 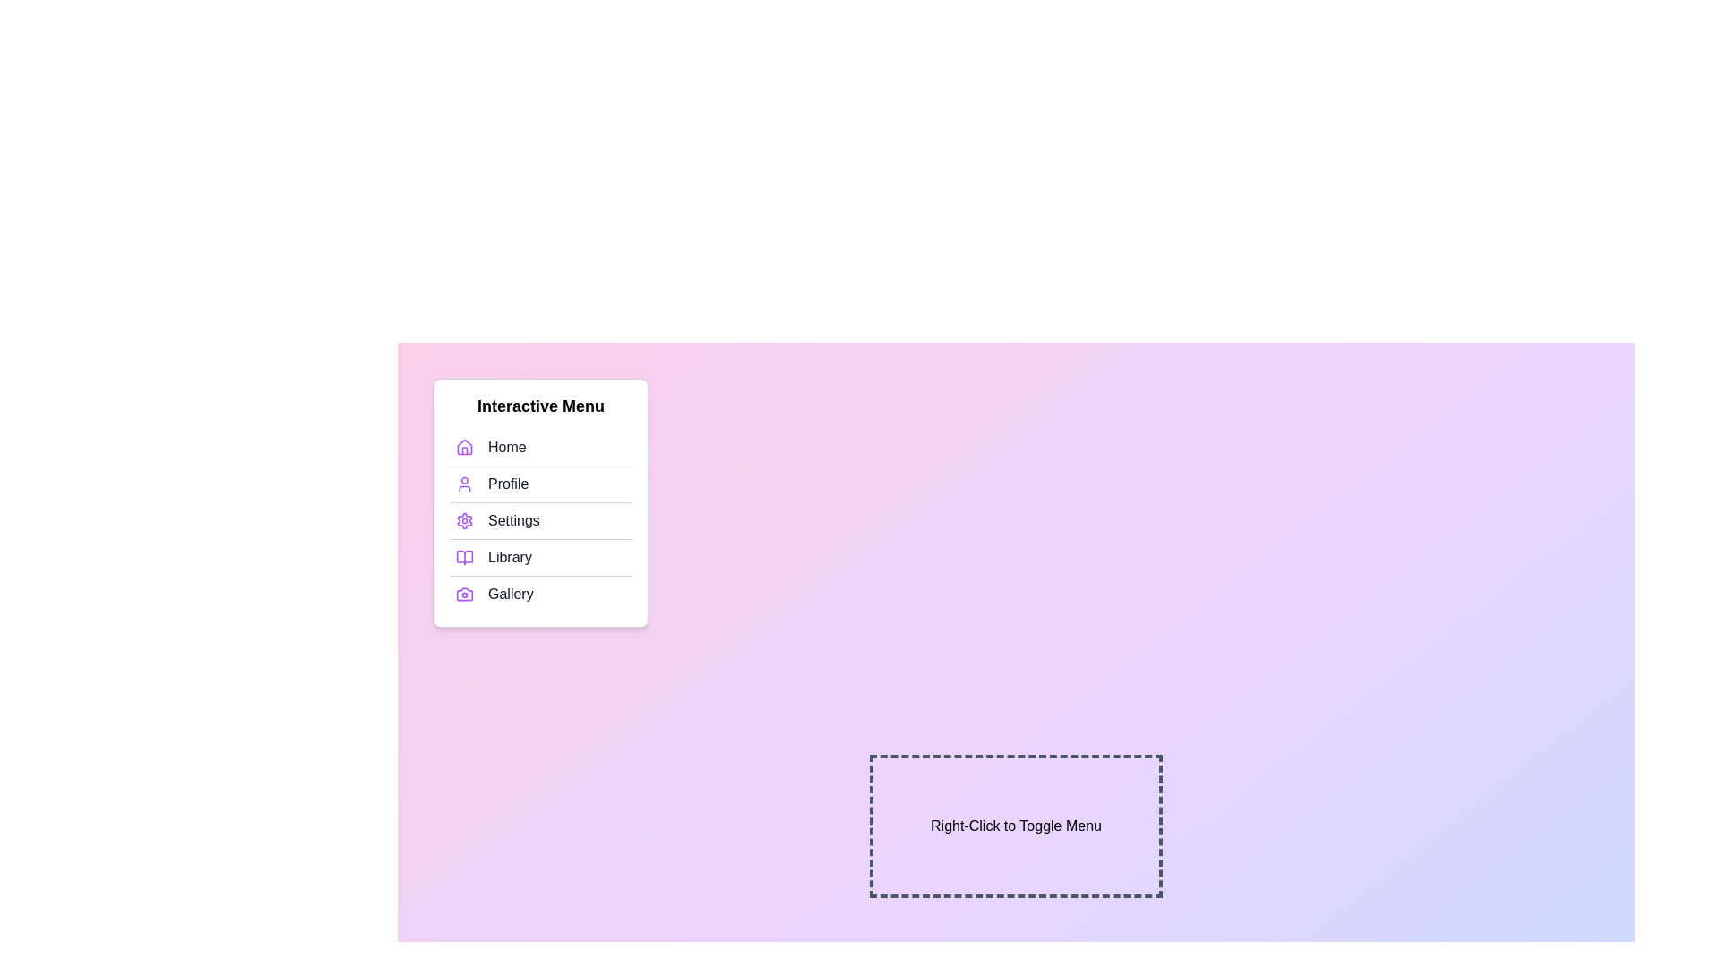 What do you see at coordinates (540, 594) in the screenshot?
I see `the menu item Gallery to highlight it` at bounding box center [540, 594].